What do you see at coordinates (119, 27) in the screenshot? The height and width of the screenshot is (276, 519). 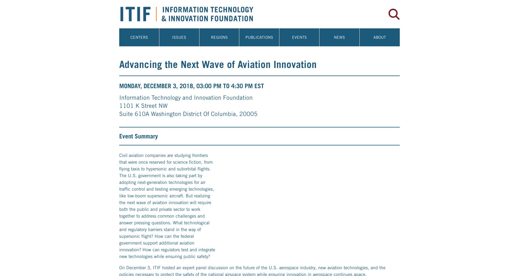 I see `'Alan McQuinn, Senior Policy Analyst at ITIF, opened the event. He explained that airplanes today aren’t that different from airplanes a few decades ago, and he noted that there is great opportunity for innovation in air travel.'` at bounding box center [119, 27].